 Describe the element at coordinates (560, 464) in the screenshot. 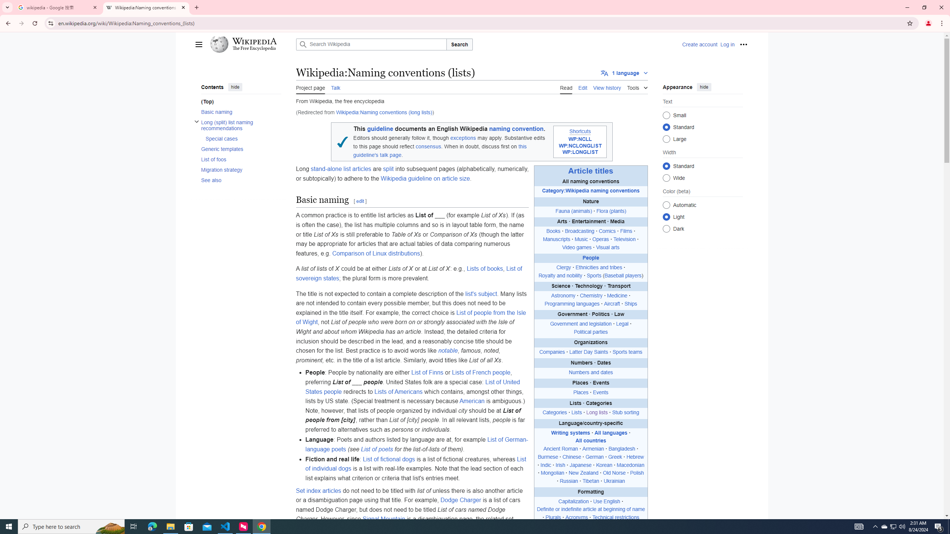

I see `'Irish'` at that location.